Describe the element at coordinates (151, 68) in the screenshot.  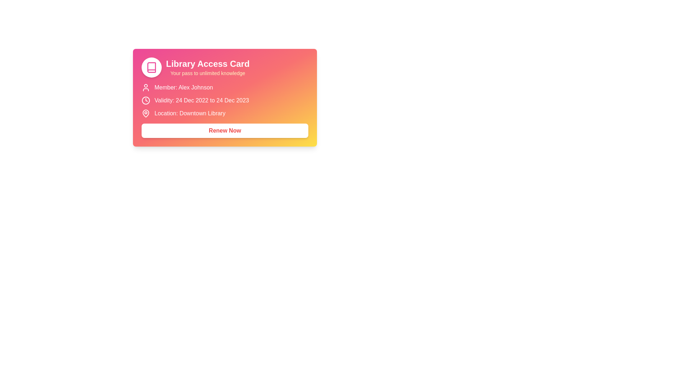
I see `the circular icon button with a white background and pink book icon located at the top-left corner of the card, adjacent to 'Library Access Card.'` at that location.